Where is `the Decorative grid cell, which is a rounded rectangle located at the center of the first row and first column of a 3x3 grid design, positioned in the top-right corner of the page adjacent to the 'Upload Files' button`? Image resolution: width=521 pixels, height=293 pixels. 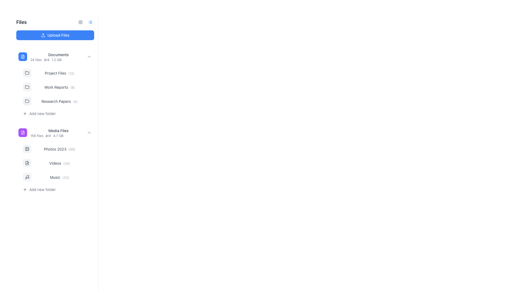 the Decorative grid cell, which is a rounded rectangle located at the center of the first row and first column of a 3x3 grid design, positioned in the top-right corner of the page adjacent to the 'Upload Files' button is located at coordinates (80, 22).